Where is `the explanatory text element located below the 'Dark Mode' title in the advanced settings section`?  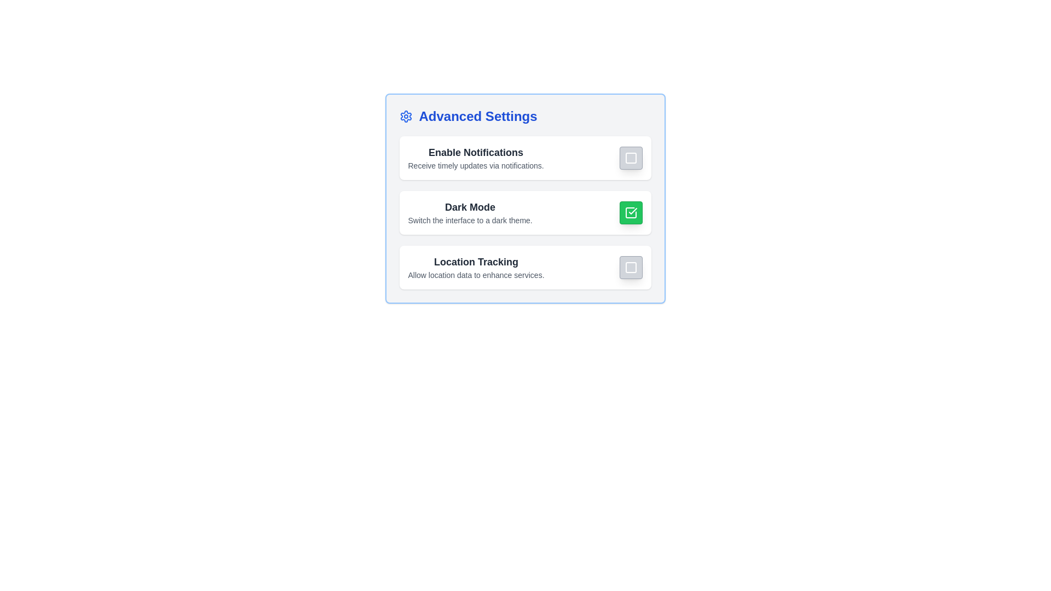
the explanatory text element located below the 'Dark Mode' title in the advanced settings section is located at coordinates (470, 220).